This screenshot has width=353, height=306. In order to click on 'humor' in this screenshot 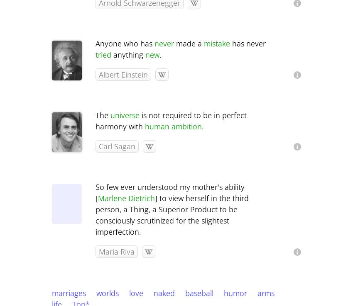, I will do `click(235, 293)`.